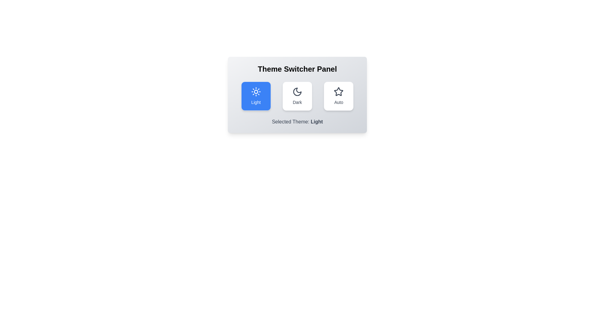  Describe the element at coordinates (297, 96) in the screenshot. I see `the 'Dark' theme toggle button located in the 'Theme Switcher Panel' between the 'Light' button on the left and the 'Auto' button on the right` at that location.